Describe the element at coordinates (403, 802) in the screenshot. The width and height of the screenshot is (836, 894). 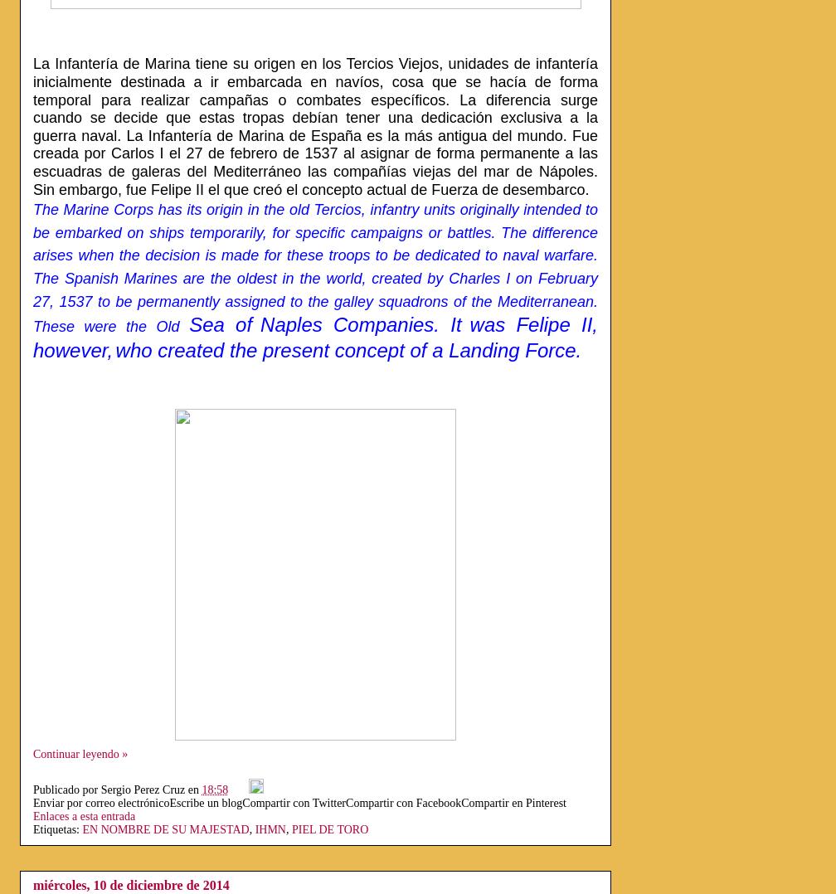
I see `'Compartir con Facebook'` at that location.